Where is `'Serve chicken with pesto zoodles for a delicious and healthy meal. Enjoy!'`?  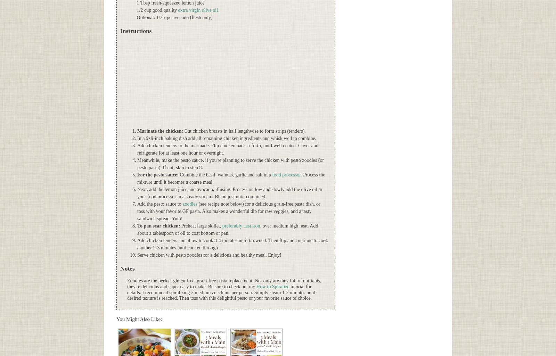 'Serve chicken with pesto zoodles for a delicious and healthy meal. Enjoy!' is located at coordinates (209, 255).